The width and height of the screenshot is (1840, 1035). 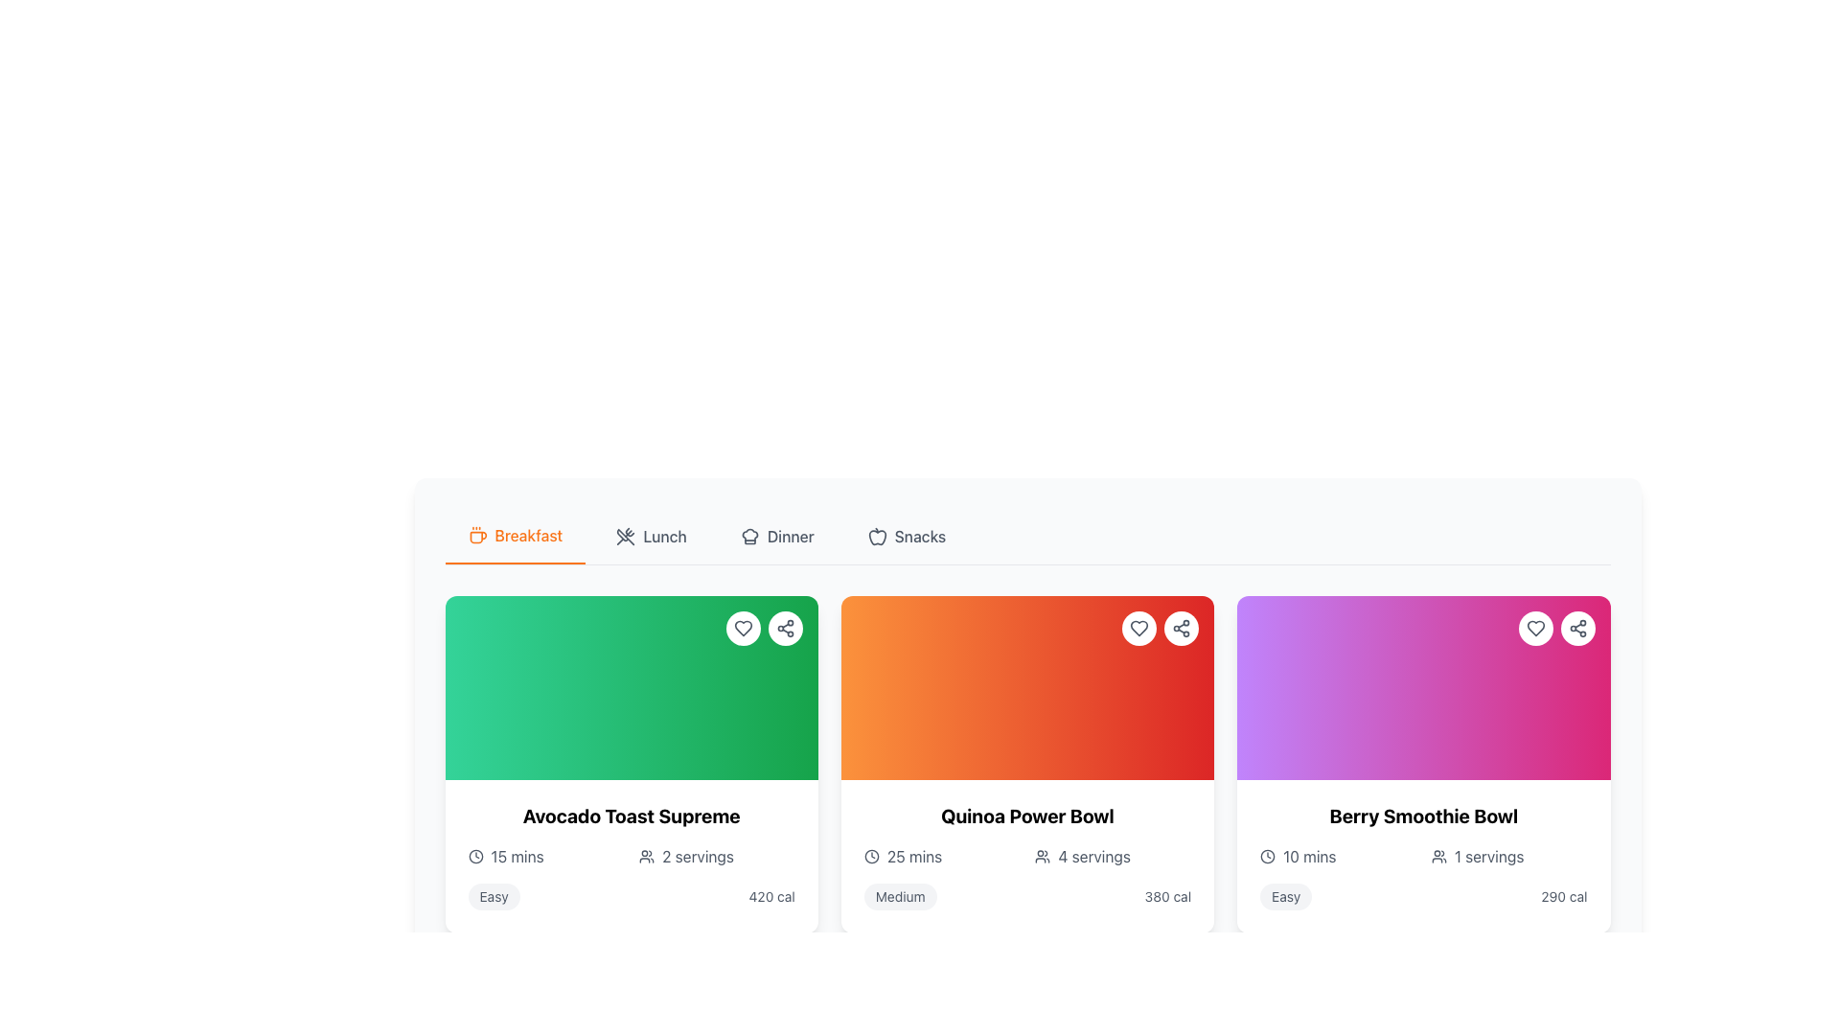 What do you see at coordinates (477, 536) in the screenshot?
I see `the 'Breakfast' menu icon located in the top-left section of the UI, immediately to the left of the 'Breakfast' label` at bounding box center [477, 536].